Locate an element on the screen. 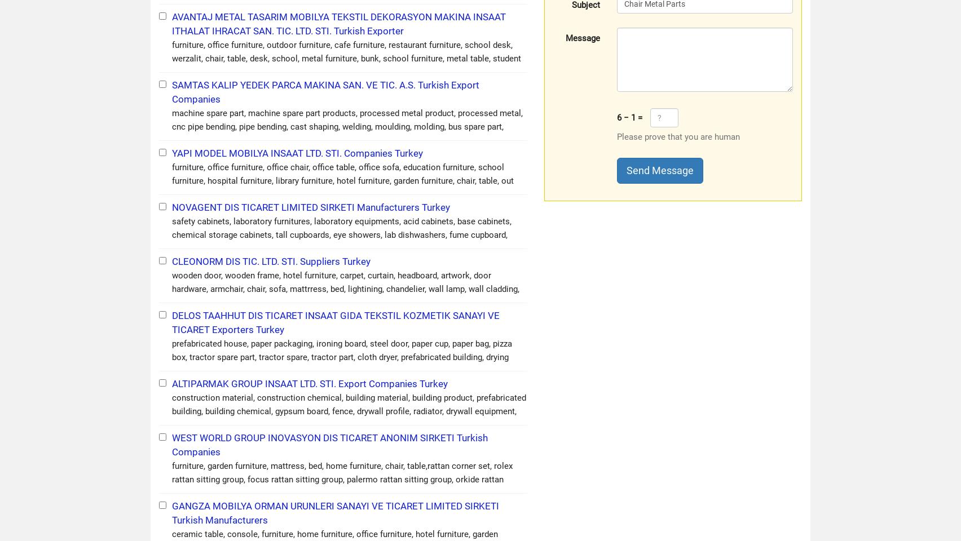  'Please prove that you are human' is located at coordinates (678, 136).